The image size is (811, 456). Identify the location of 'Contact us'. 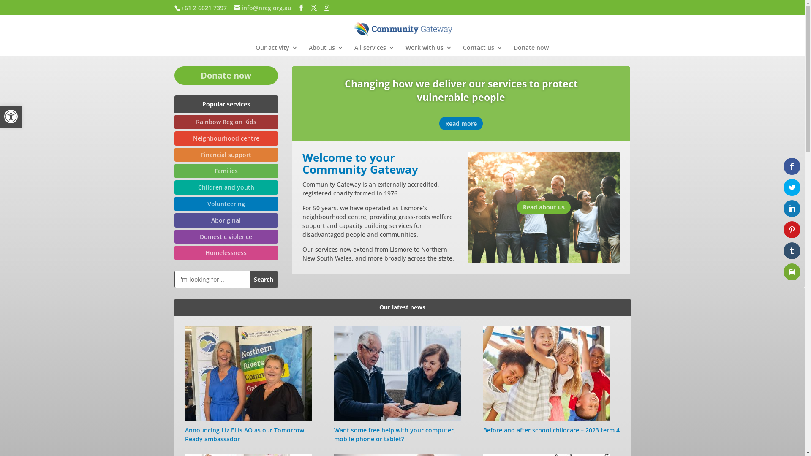
(482, 50).